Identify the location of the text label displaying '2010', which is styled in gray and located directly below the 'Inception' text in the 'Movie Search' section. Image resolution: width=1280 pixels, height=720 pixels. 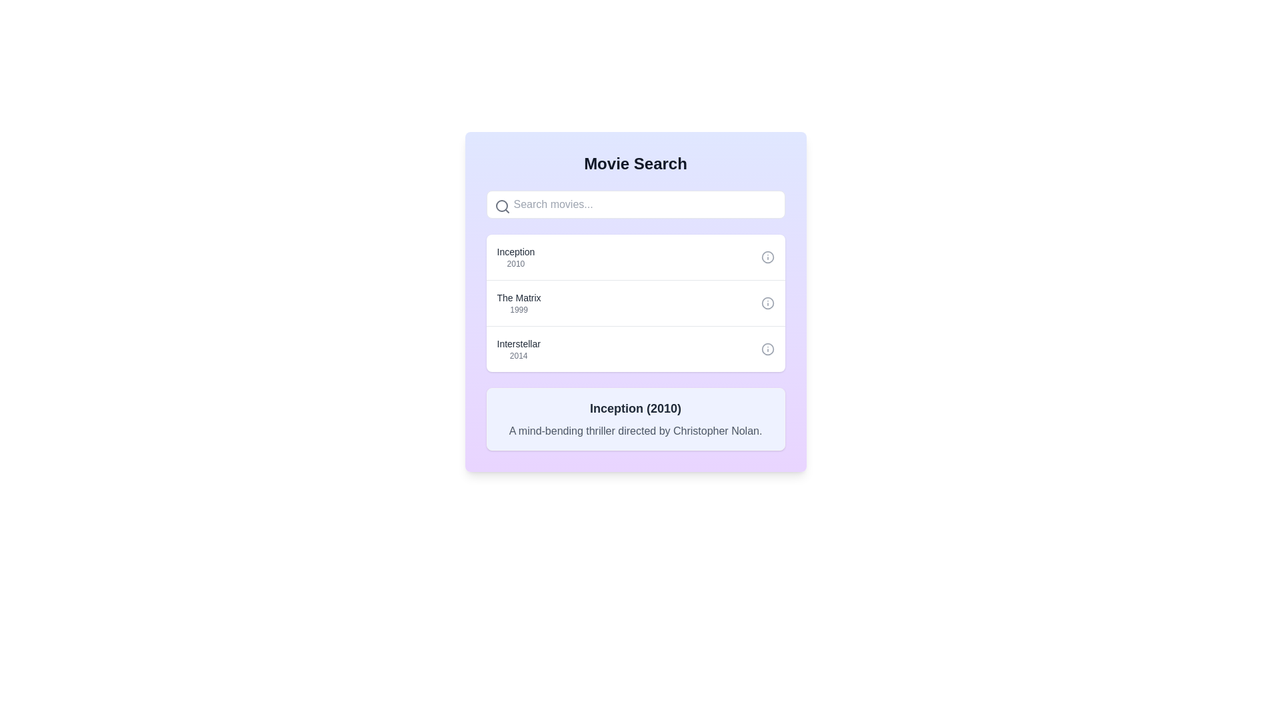
(515, 264).